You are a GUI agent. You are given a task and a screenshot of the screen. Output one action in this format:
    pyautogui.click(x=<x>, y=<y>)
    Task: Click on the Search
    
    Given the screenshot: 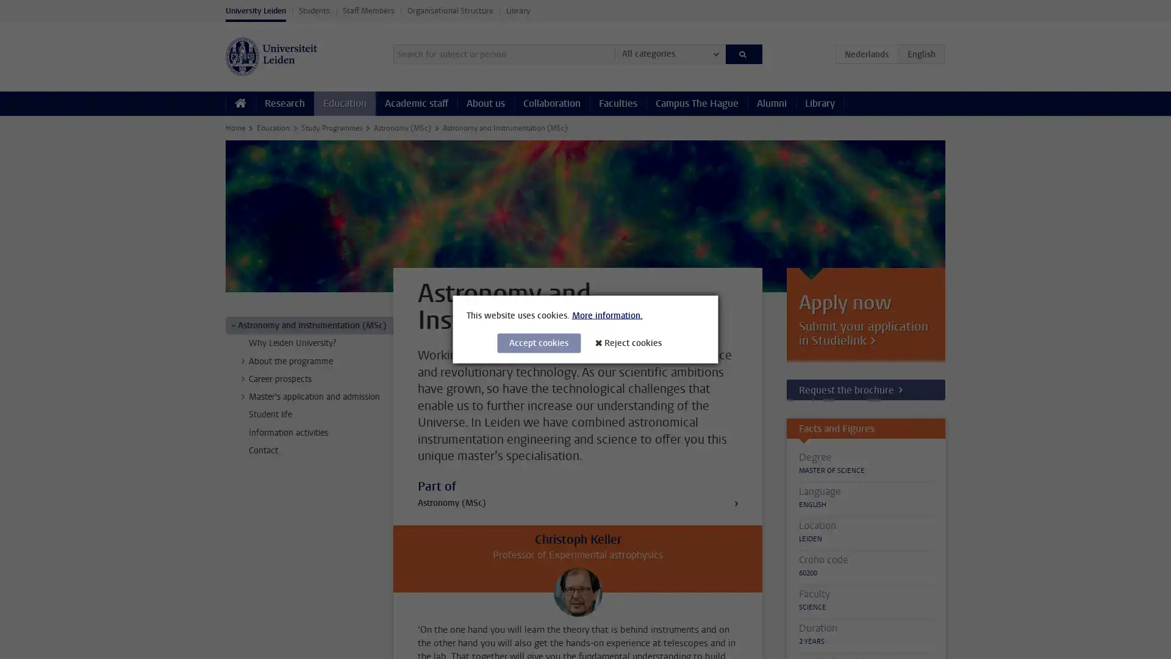 What is the action you would take?
    pyautogui.click(x=743, y=53)
    